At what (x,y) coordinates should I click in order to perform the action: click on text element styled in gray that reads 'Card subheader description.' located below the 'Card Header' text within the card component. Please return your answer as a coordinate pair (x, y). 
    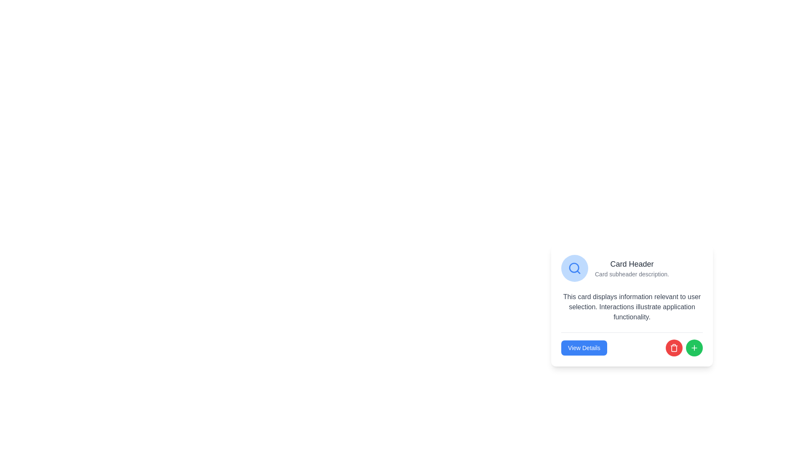
    Looking at the image, I should click on (632, 274).